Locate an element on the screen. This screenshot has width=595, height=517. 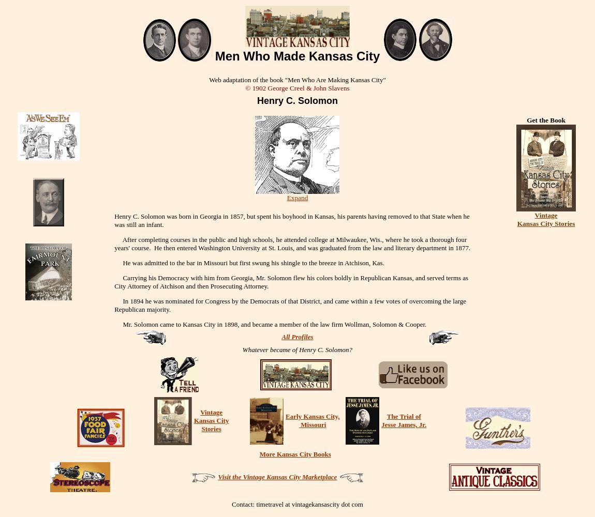
'Expand' is located at coordinates (286, 197).